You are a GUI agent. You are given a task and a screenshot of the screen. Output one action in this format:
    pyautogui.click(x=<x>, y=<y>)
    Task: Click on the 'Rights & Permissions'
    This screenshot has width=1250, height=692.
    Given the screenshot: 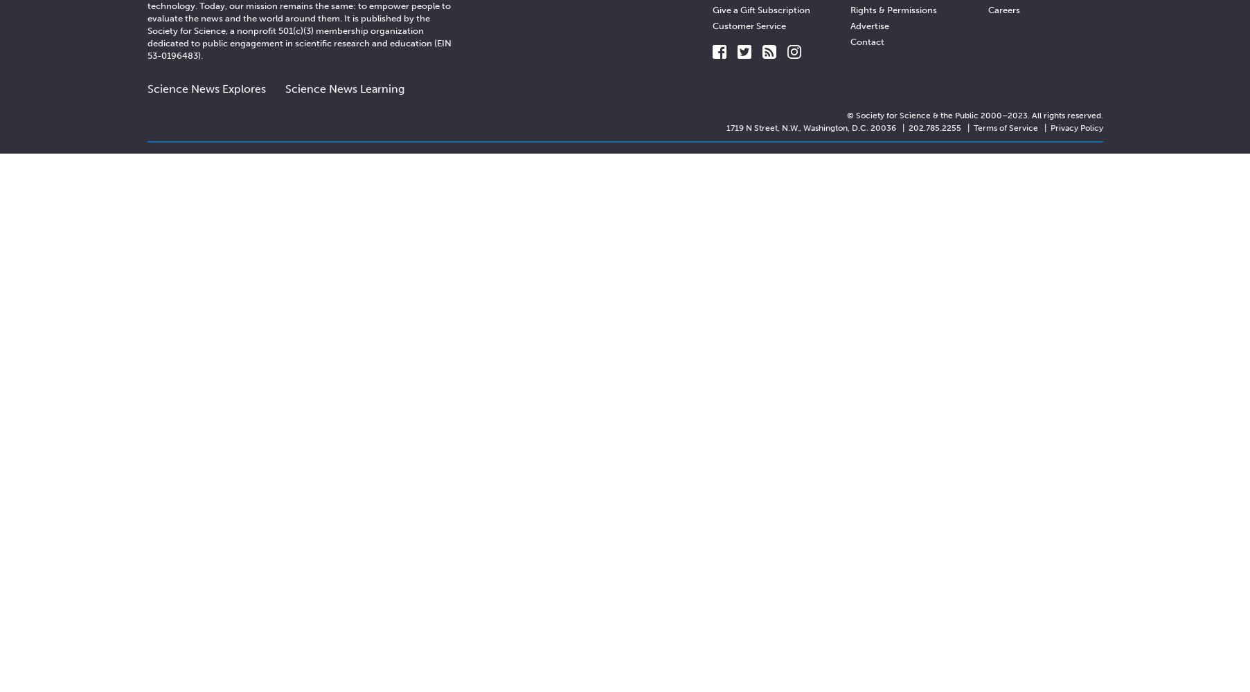 What is the action you would take?
    pyautogui.click(x=893, y=9)
    